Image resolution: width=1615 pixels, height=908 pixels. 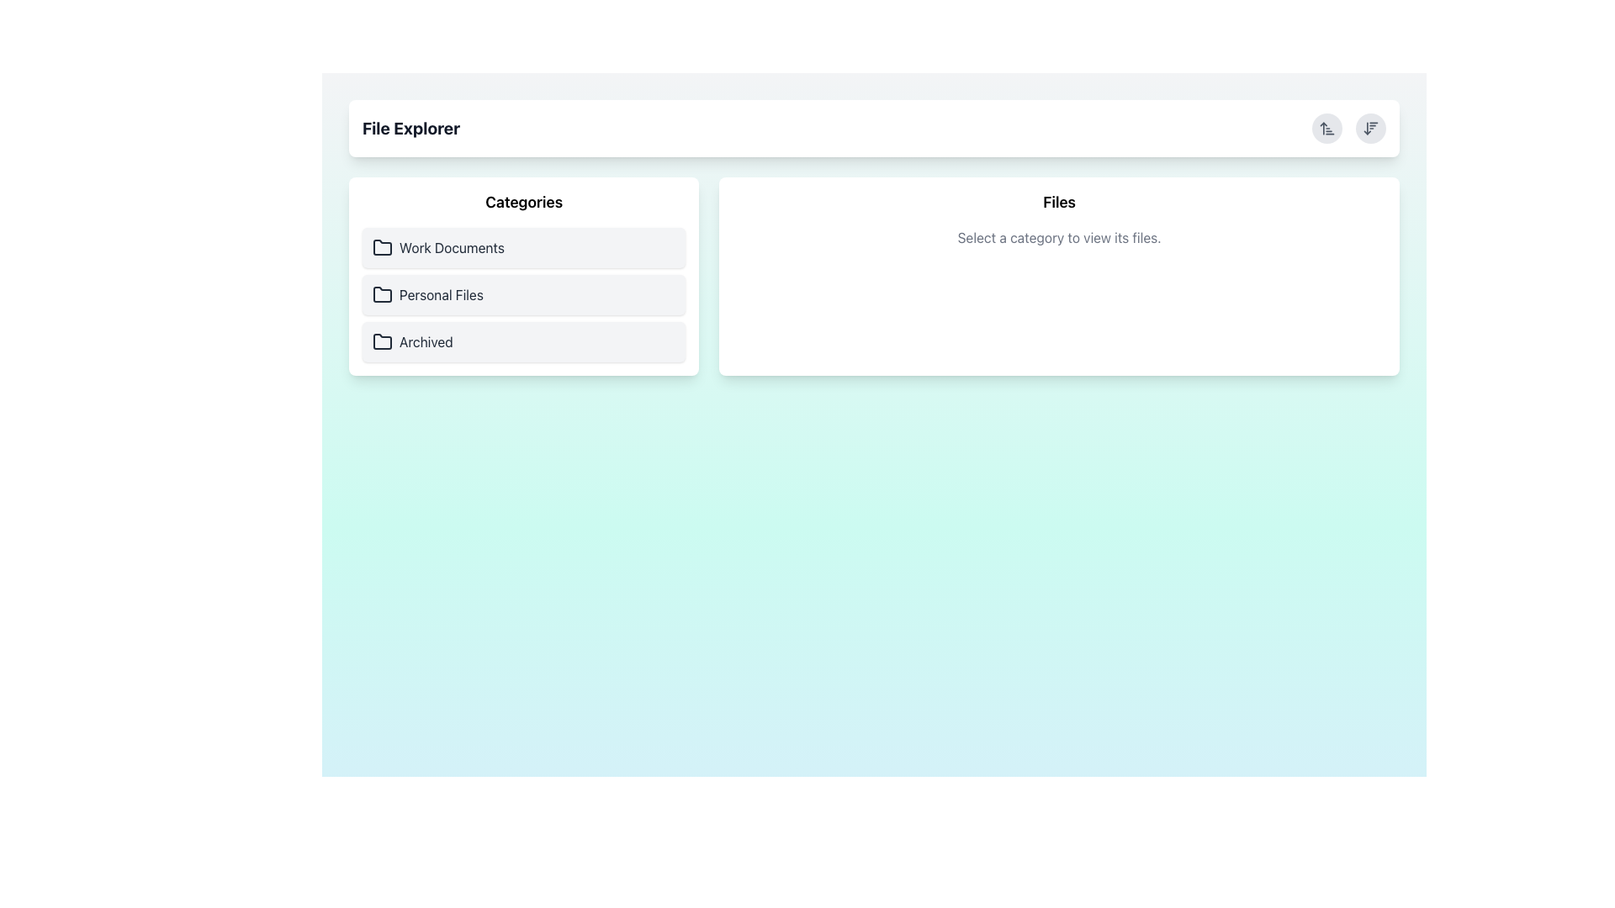 What do you see at coordinates (382, 293) in the screenshot?
I see `the folder icon representing the 'Personal Files' category located in the left panel of the file explorer interface, positioned below 'Work Documents' and above 'Archived'` at bounding box center [382, 293].